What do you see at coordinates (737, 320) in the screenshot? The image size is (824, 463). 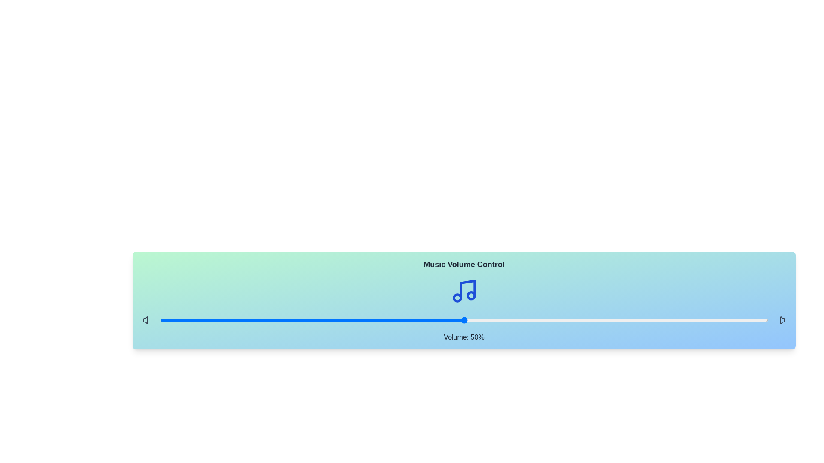 I see `the volume slider to 95%` at bounding box center [737, 320].